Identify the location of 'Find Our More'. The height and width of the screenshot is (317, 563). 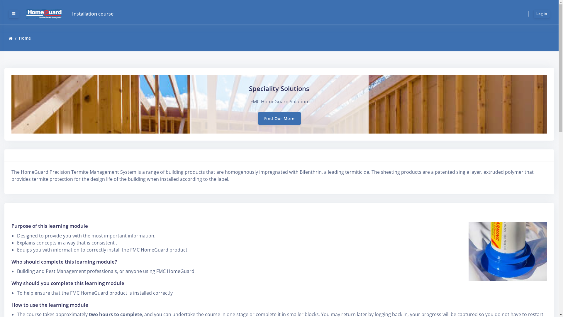
(279, 118).